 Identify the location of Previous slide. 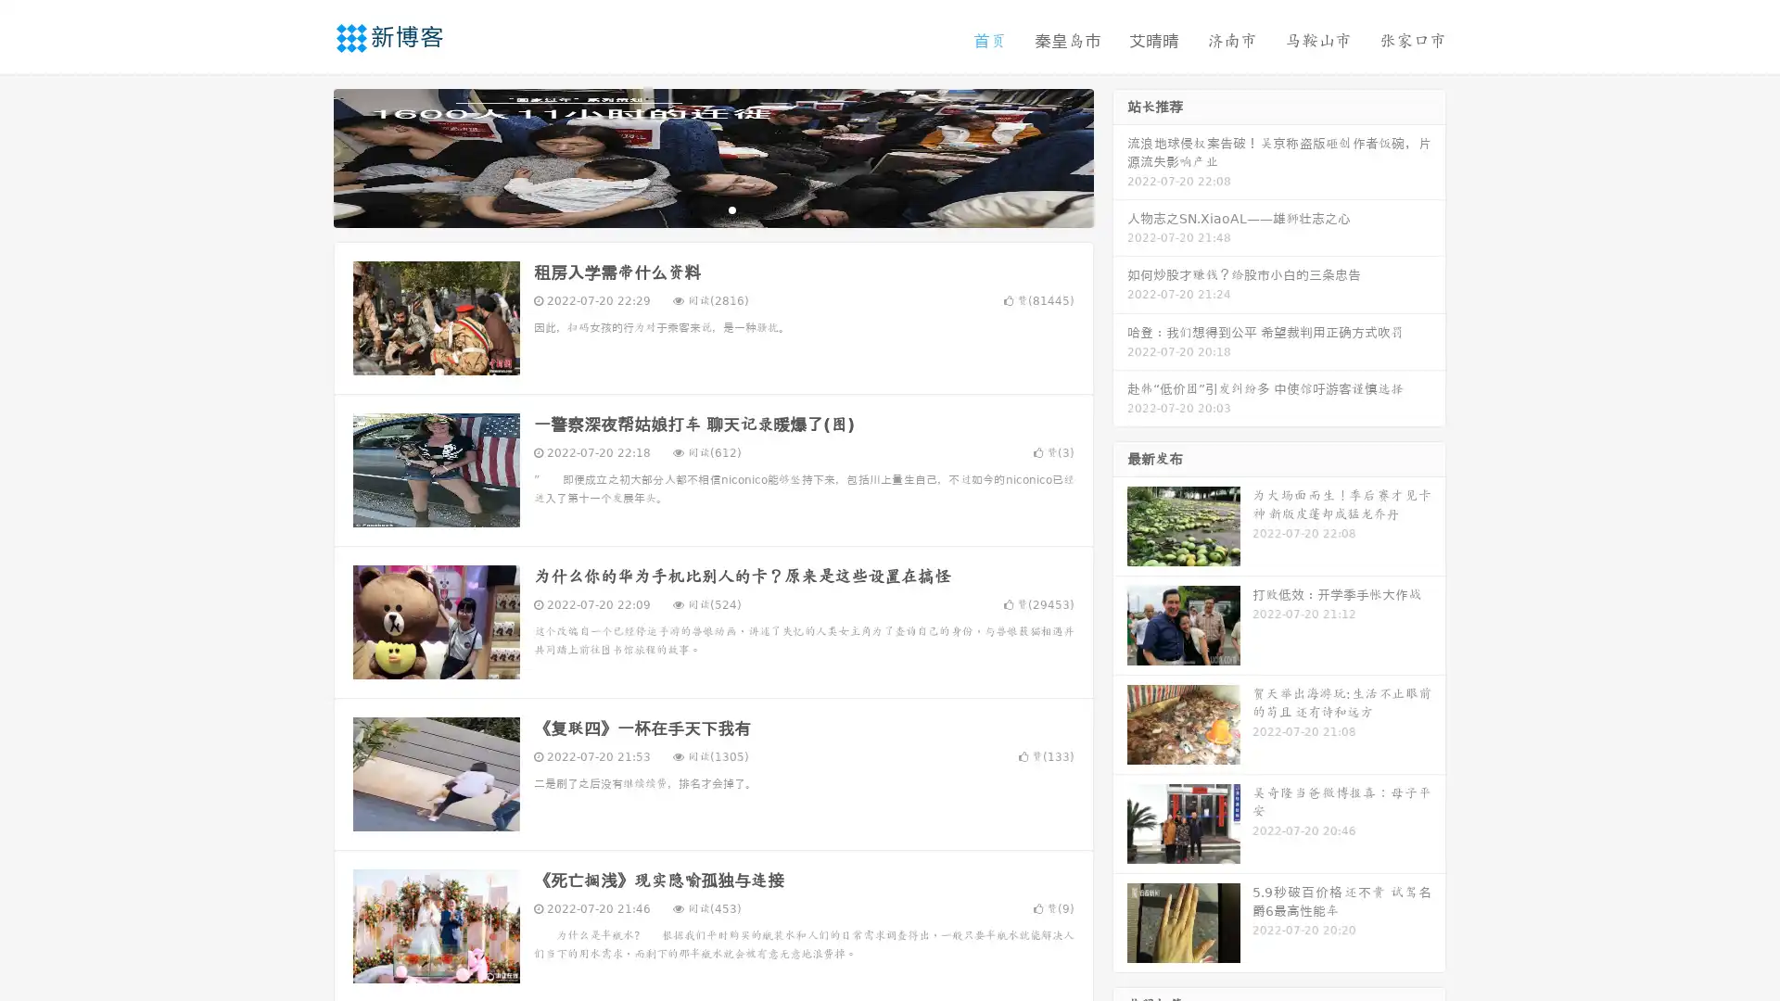
(306, 156).